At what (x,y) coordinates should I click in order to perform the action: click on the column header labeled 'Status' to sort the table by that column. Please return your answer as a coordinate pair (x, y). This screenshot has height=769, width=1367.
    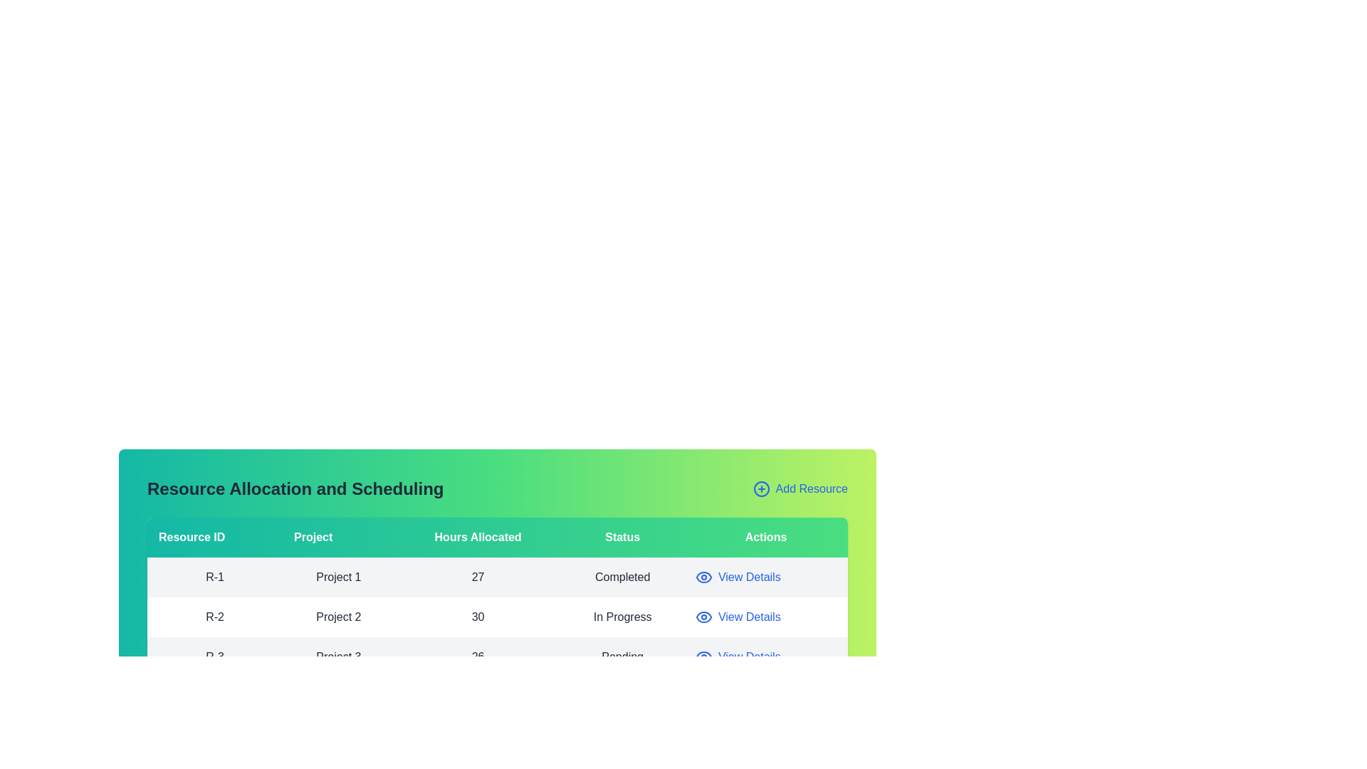
    Looking at the image, I should click on (622, 538).